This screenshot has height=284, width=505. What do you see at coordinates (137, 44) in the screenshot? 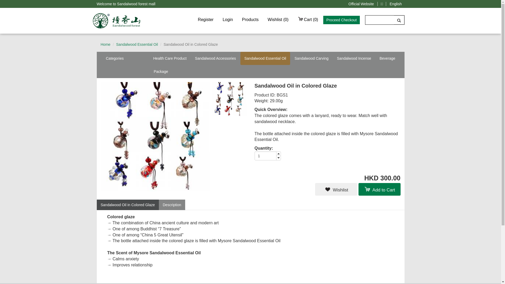
I see `'Sandalwood Essential Oil'` at bounding box center [137, 44].